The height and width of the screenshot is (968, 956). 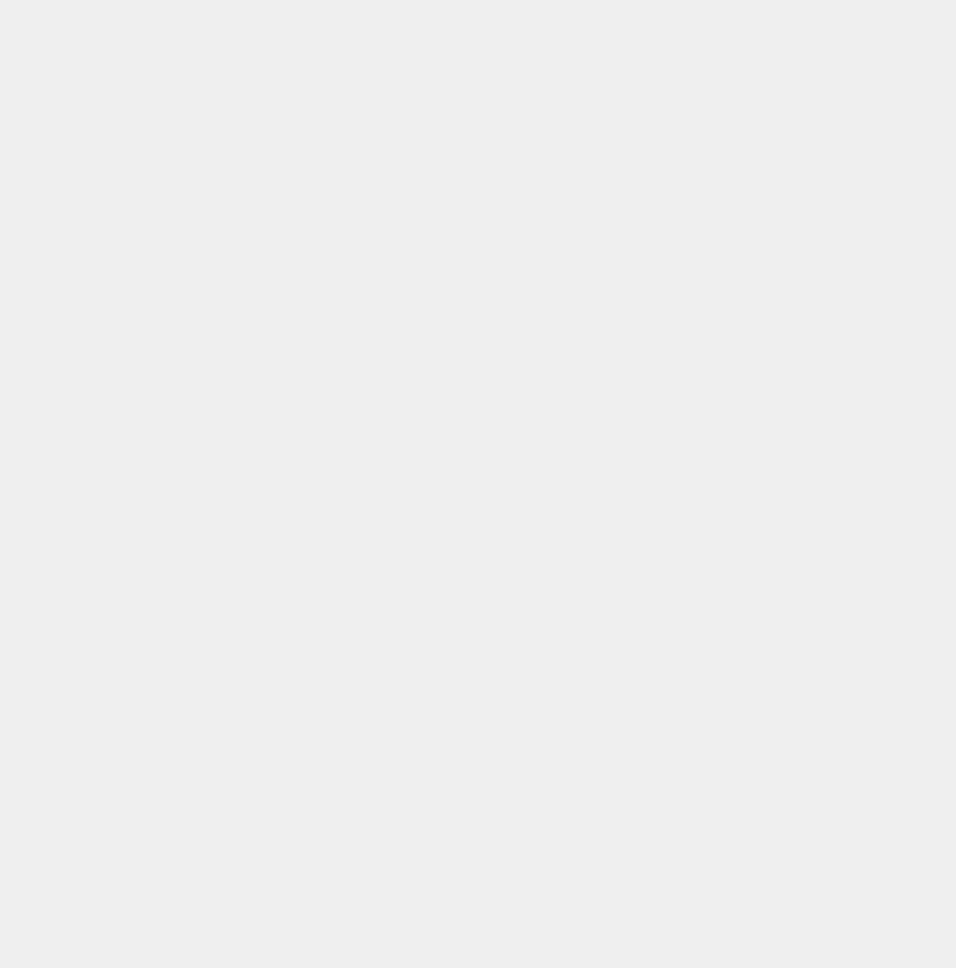 What do you see at coordinates (132, 143) in the screenshot?
I see `'FARM MANAGEMENT'` at bounding box center [132, 143].